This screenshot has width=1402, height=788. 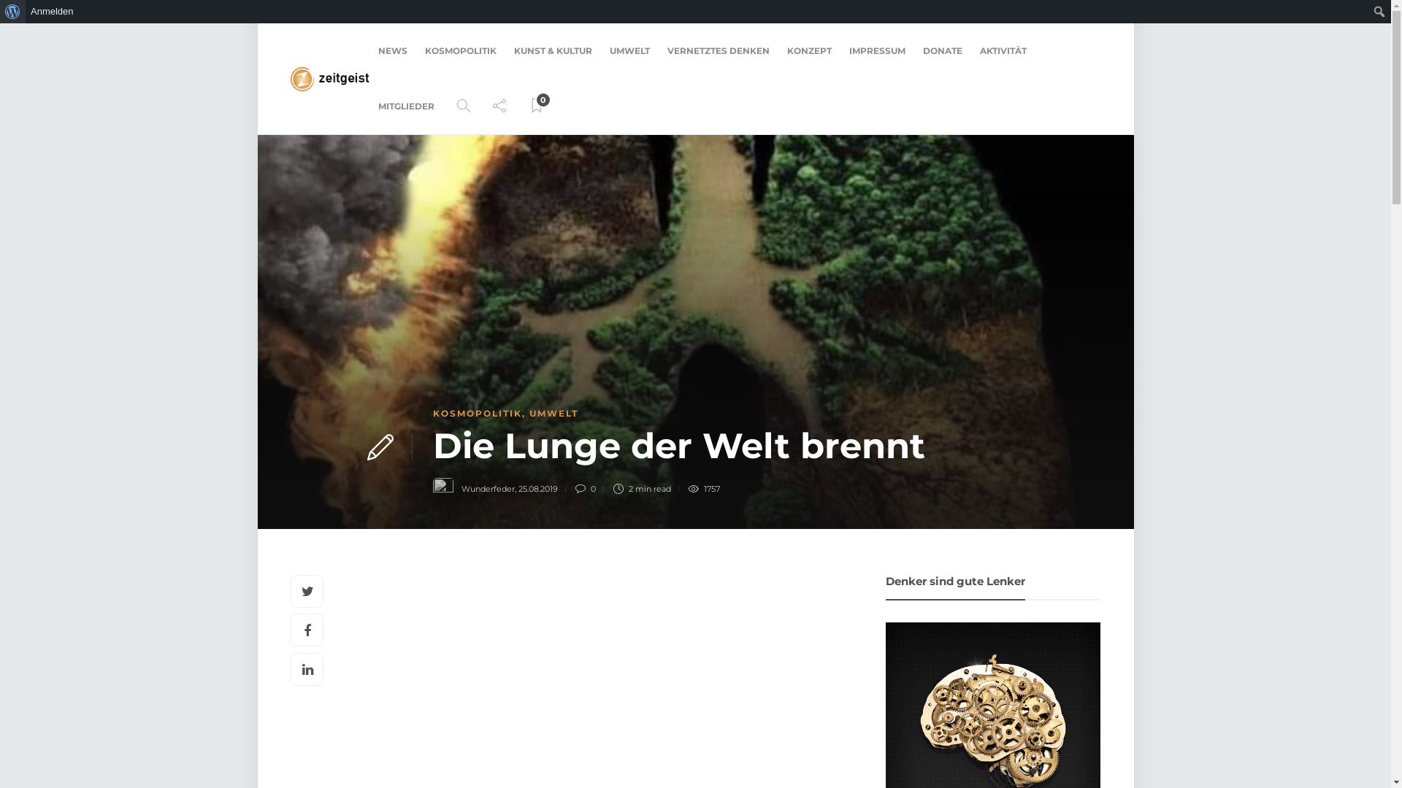 What do you see at coordinates (392, 50) in the screenshot?
I see `'NEWS'` at bounding box center [392, 50].